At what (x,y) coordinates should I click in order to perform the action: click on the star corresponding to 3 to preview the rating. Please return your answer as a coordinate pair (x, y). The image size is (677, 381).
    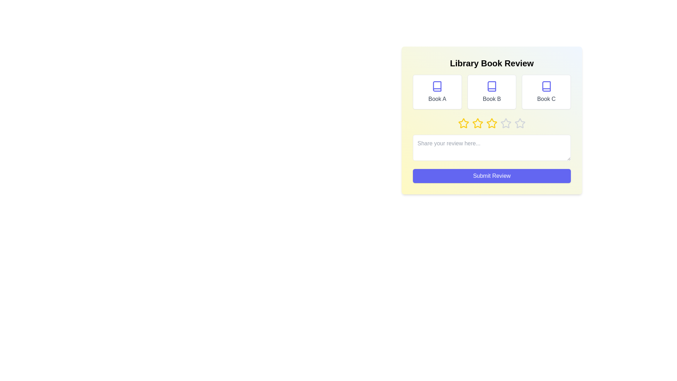
    Looking at the image, I should click on (492, 123).